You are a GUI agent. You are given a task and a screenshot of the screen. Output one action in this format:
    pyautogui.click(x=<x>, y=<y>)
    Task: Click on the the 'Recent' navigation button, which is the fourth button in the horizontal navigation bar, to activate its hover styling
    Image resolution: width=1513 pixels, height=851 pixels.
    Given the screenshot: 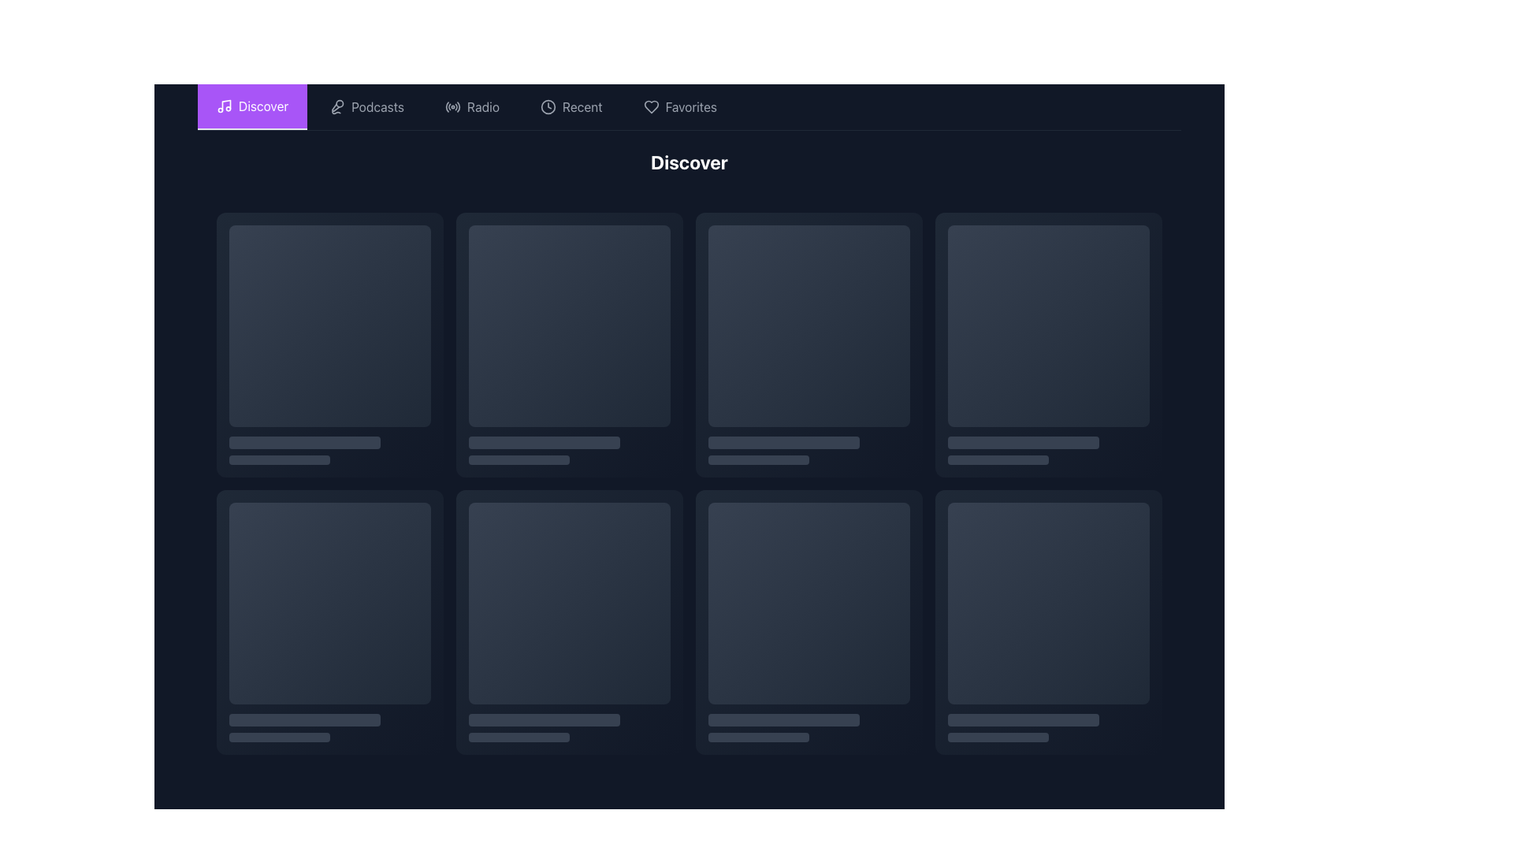 What is the action you would take?
    pyautogui.click(x=571, y=106)
    